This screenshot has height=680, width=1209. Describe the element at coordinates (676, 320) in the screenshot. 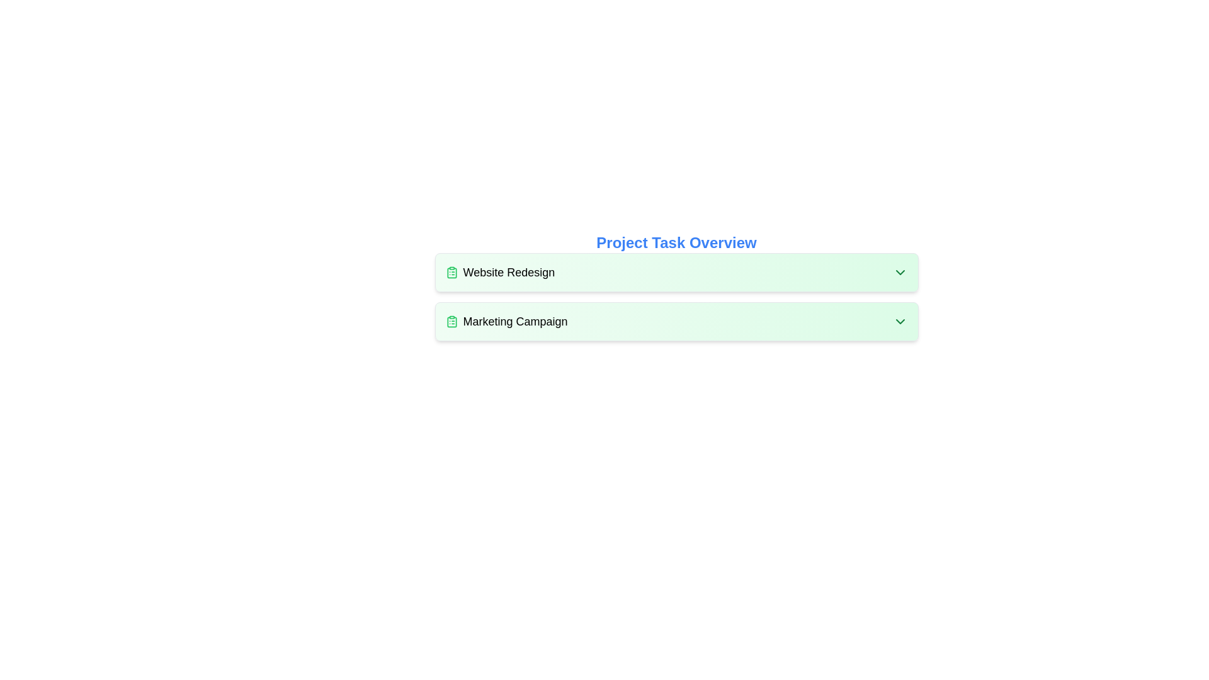

I see `the 'Marketing Campaign' selectable card located below the 'Website Redesign' card in the 'Project Task Overview' section` at that location.